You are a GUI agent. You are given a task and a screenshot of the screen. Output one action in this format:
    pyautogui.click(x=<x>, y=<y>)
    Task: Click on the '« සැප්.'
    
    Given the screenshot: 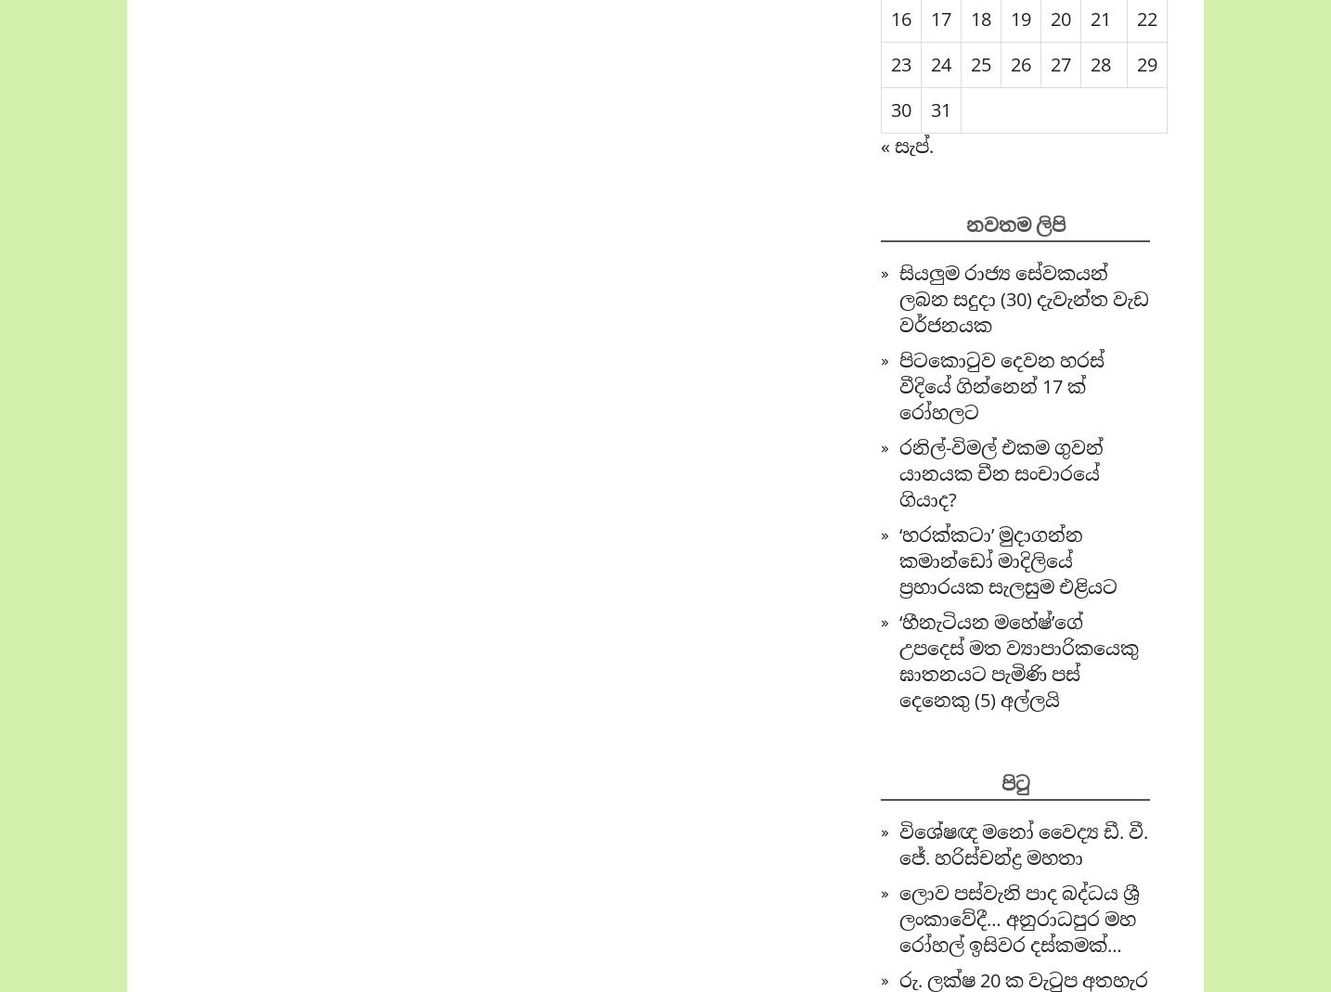 What is the action you would take?
    pyautogui.click(x=906, y=146)
    